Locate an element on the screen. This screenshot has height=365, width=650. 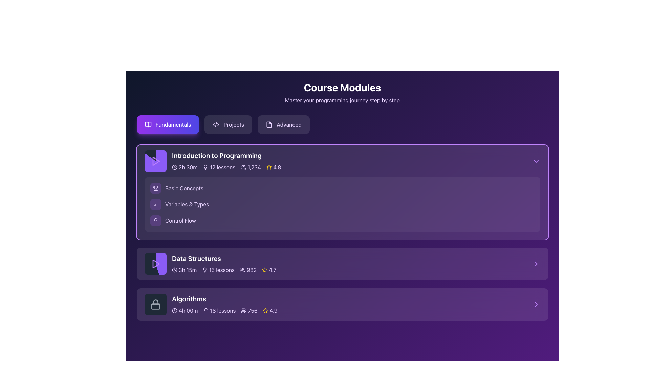
the coding or development icon located to the left of the 'Projects' button in the top section of the UI is located at coordinates (216, 125).